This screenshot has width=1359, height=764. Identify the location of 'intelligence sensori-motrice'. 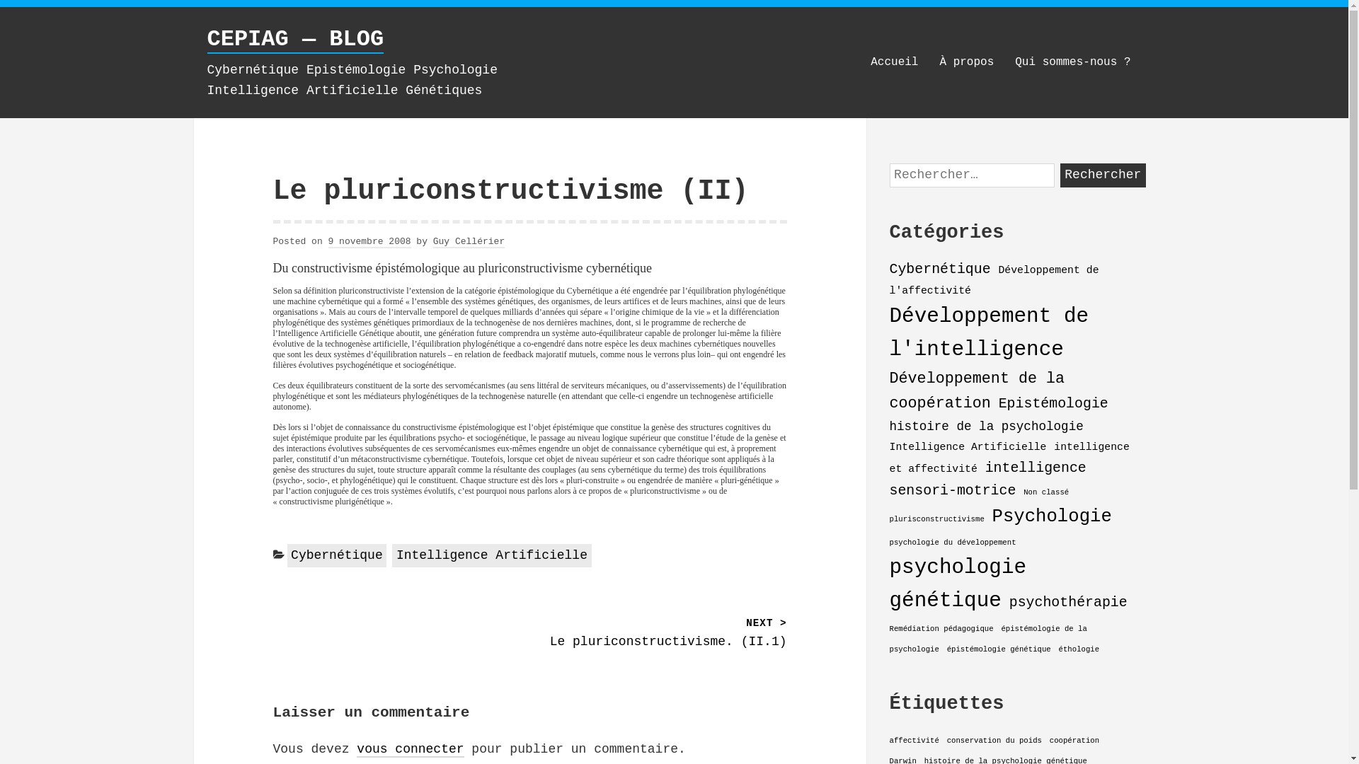
(987, 478).